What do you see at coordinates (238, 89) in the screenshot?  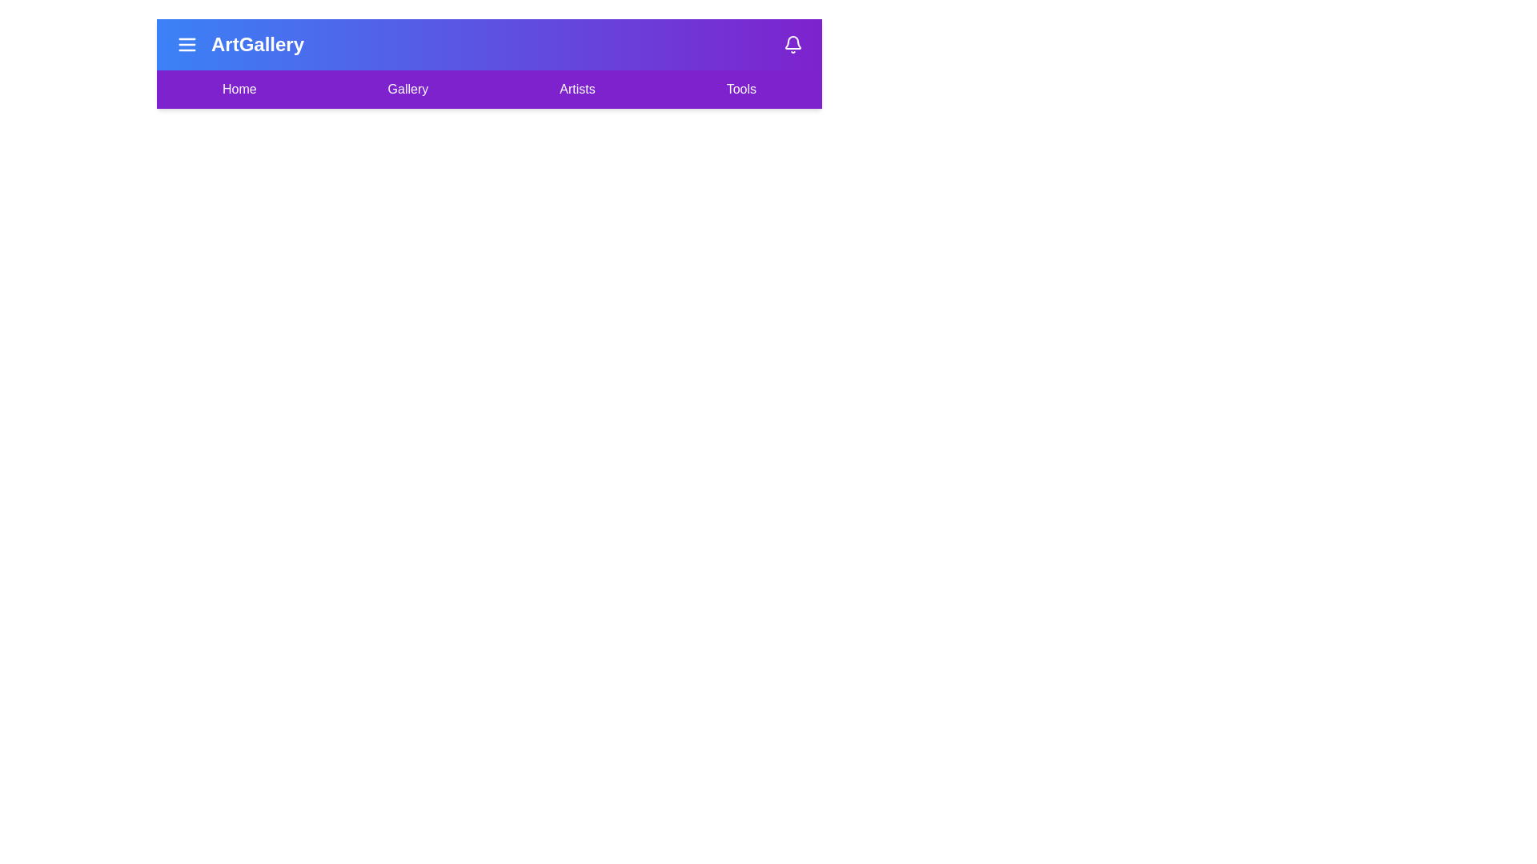 I see `the menu item labeled Home to navigate to the corresponding section` at bounding box center [238, 89].